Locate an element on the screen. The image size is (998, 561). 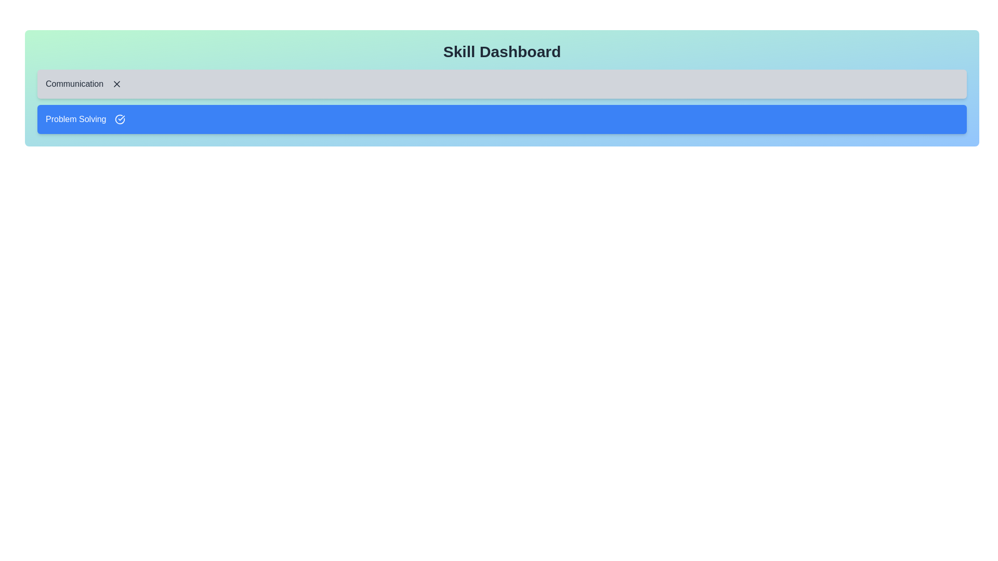
the title 'Skill Dashboard' to interact with it is located at coordinates (502, 52).